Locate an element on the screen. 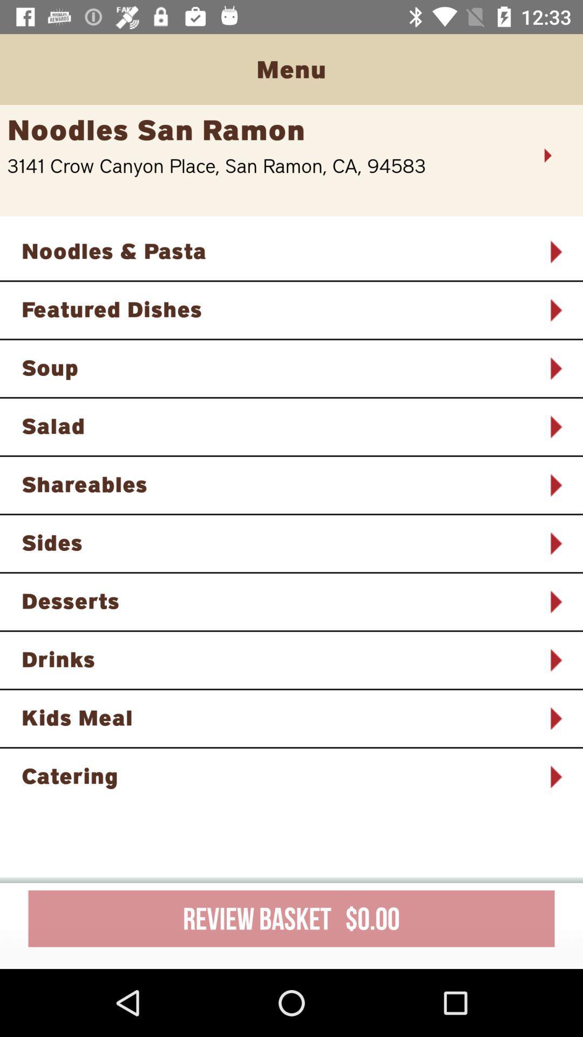 This screenshot has width=583, height=1037. item to the right of shareables  icon is located at coordinates (555, 484).